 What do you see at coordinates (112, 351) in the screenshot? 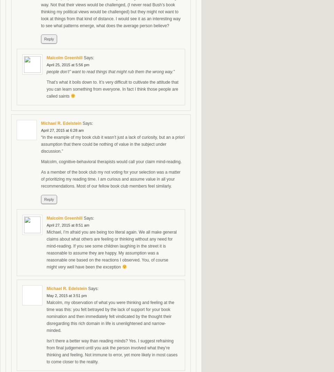
I see `'Isn’t there a better way than reading minds? Yes. I suggest refraining from final judgement until you ask the person involved what they’re thinking and feeling. Not immune to error, yet more likely in most cases to come closer to the reality.'` at bounding box center [112, 351].